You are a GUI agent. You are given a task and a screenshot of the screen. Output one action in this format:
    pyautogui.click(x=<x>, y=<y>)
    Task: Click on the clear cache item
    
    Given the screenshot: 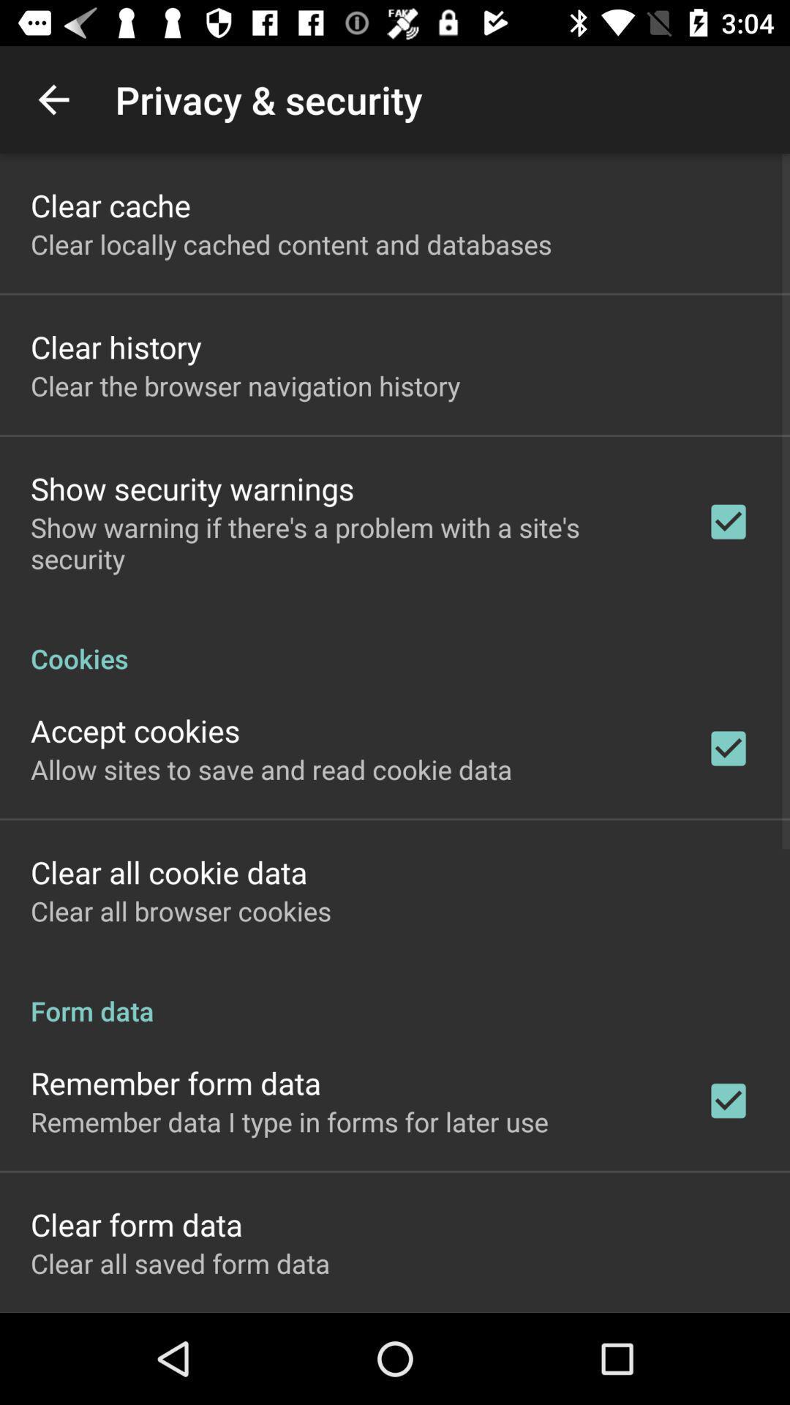 What is the action you would take?
    pyautogui.click(x=110, y=204)
    